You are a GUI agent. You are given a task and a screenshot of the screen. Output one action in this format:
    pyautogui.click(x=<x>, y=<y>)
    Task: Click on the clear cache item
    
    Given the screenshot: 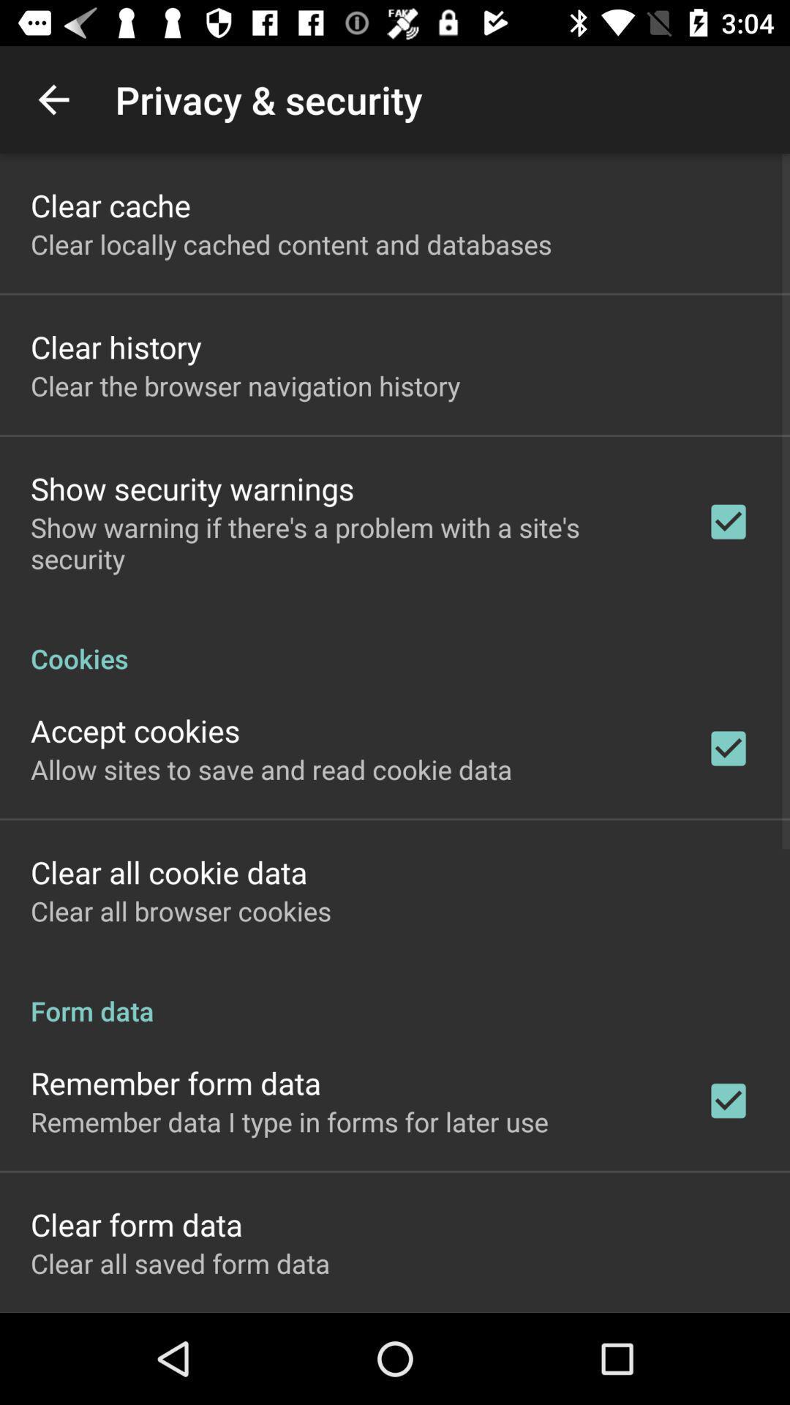 What is the action you would take?
    pyautogui.click(x=110, y=204)
    